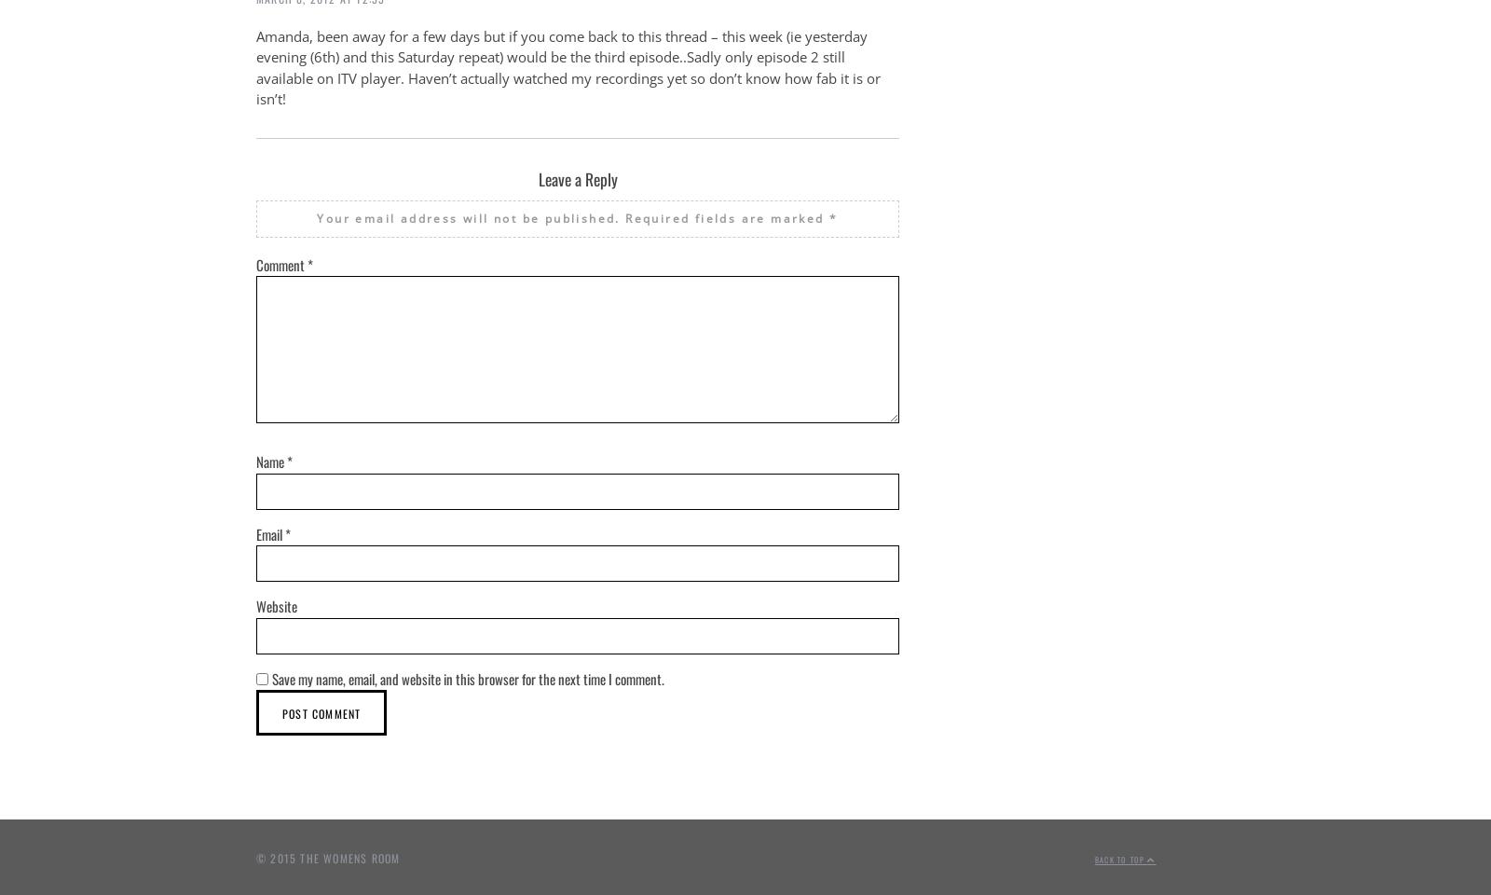 This screenshot has width=1491, height=895. I want to click on 'Required fields are marked', so click(727, 217).